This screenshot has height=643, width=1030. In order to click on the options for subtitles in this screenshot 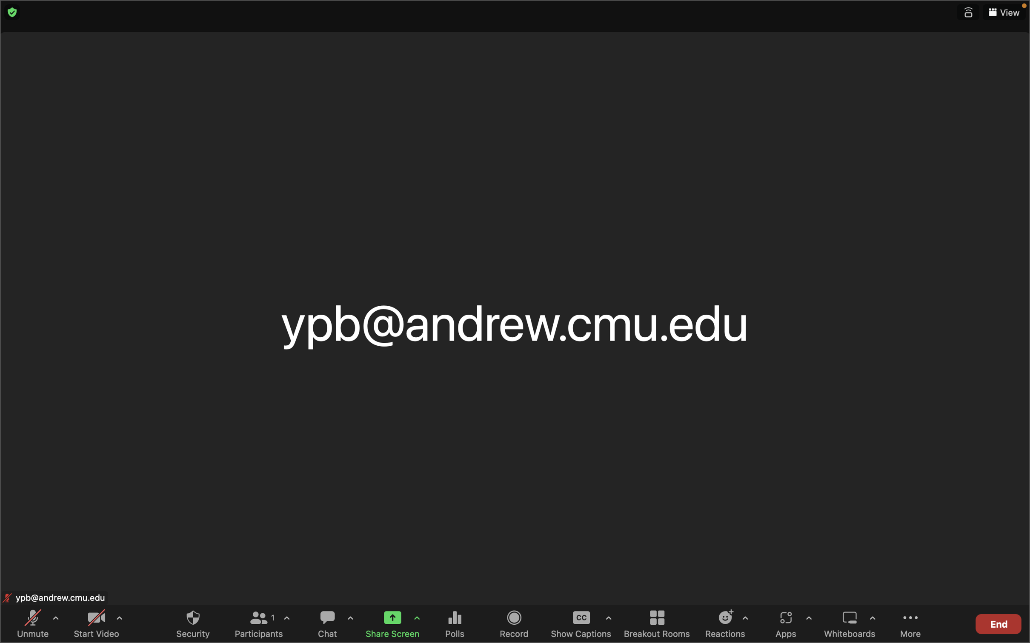, I will do `click(608, 619)`.